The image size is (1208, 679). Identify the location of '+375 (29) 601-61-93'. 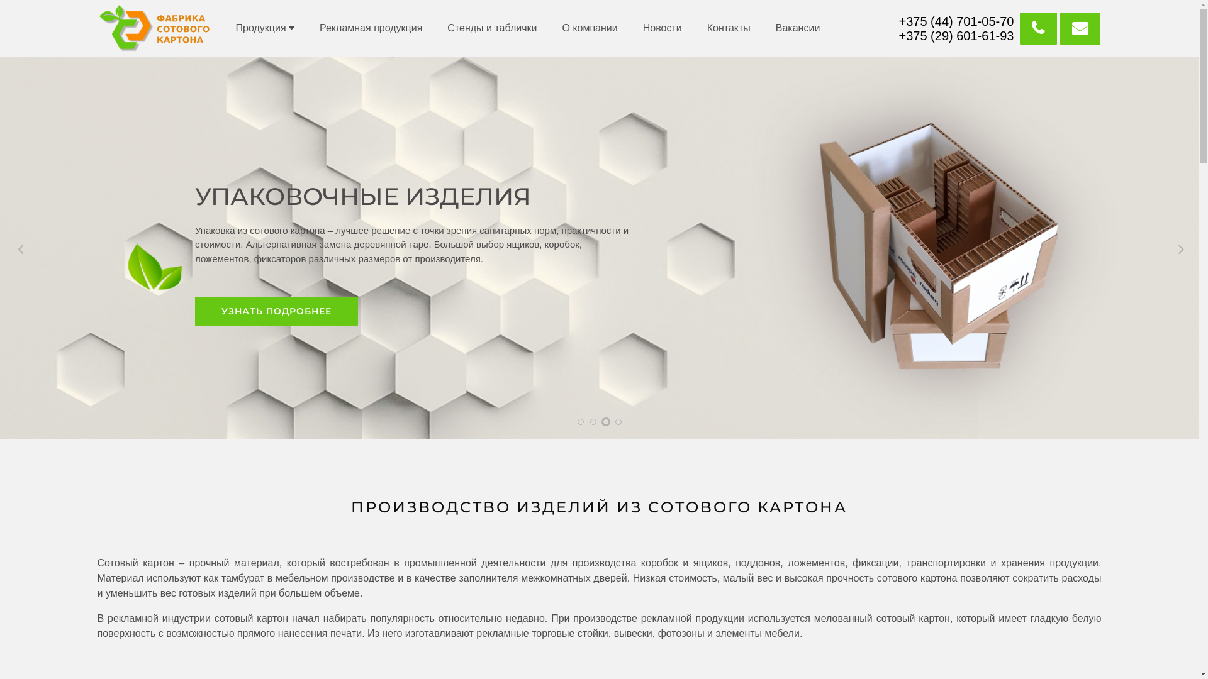
(956, 35).